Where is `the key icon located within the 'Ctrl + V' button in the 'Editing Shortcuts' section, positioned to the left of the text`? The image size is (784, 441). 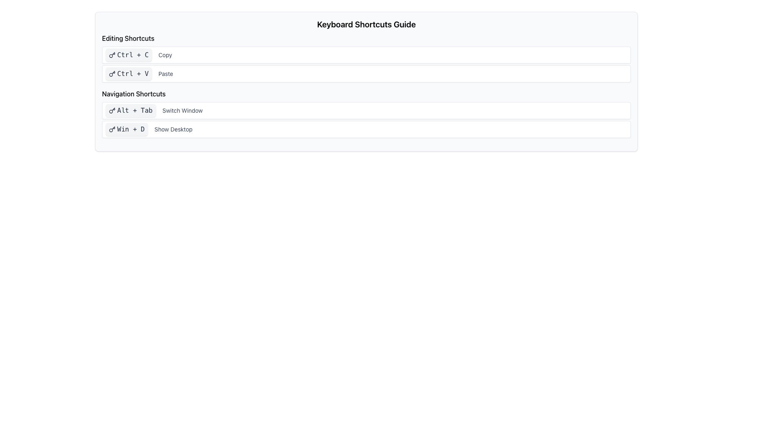
the key icon located within the 'Ctrl + V' button in the 'Editing Shortcuts' section, positioned to the left of the text is located at coordinates (111, 74).